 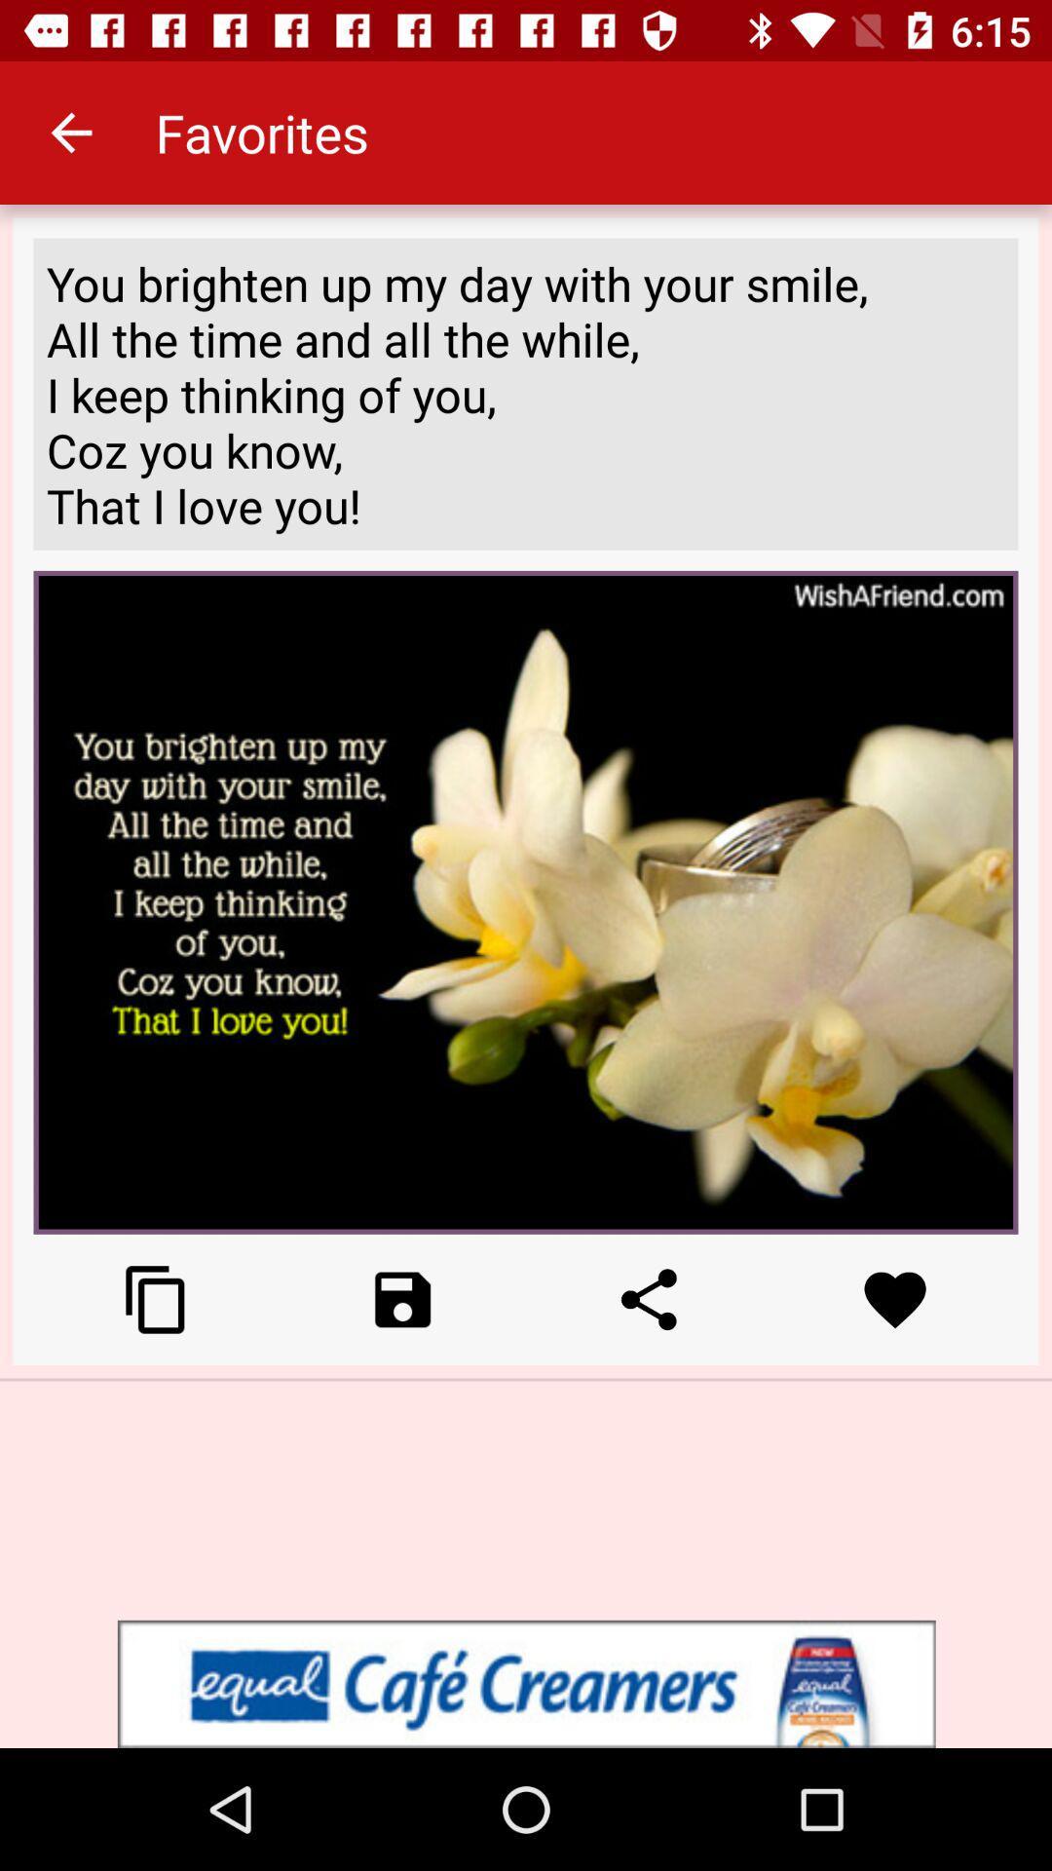 I want to click on go back, so click(x=401, y=1299).